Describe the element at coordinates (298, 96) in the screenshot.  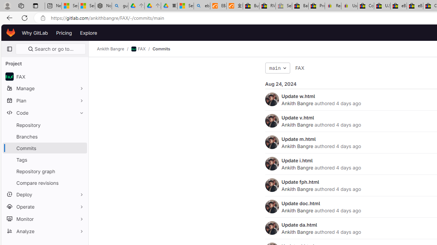
I see `'Update w.html'` at that location.